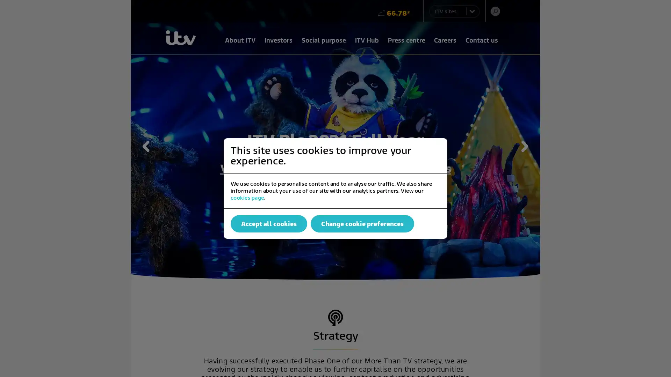 The height and width of the screenshot is (377, 671). Describe the element at coordinates (362, 223) in the screenshot. I see `Change cookie preferences` at that location.